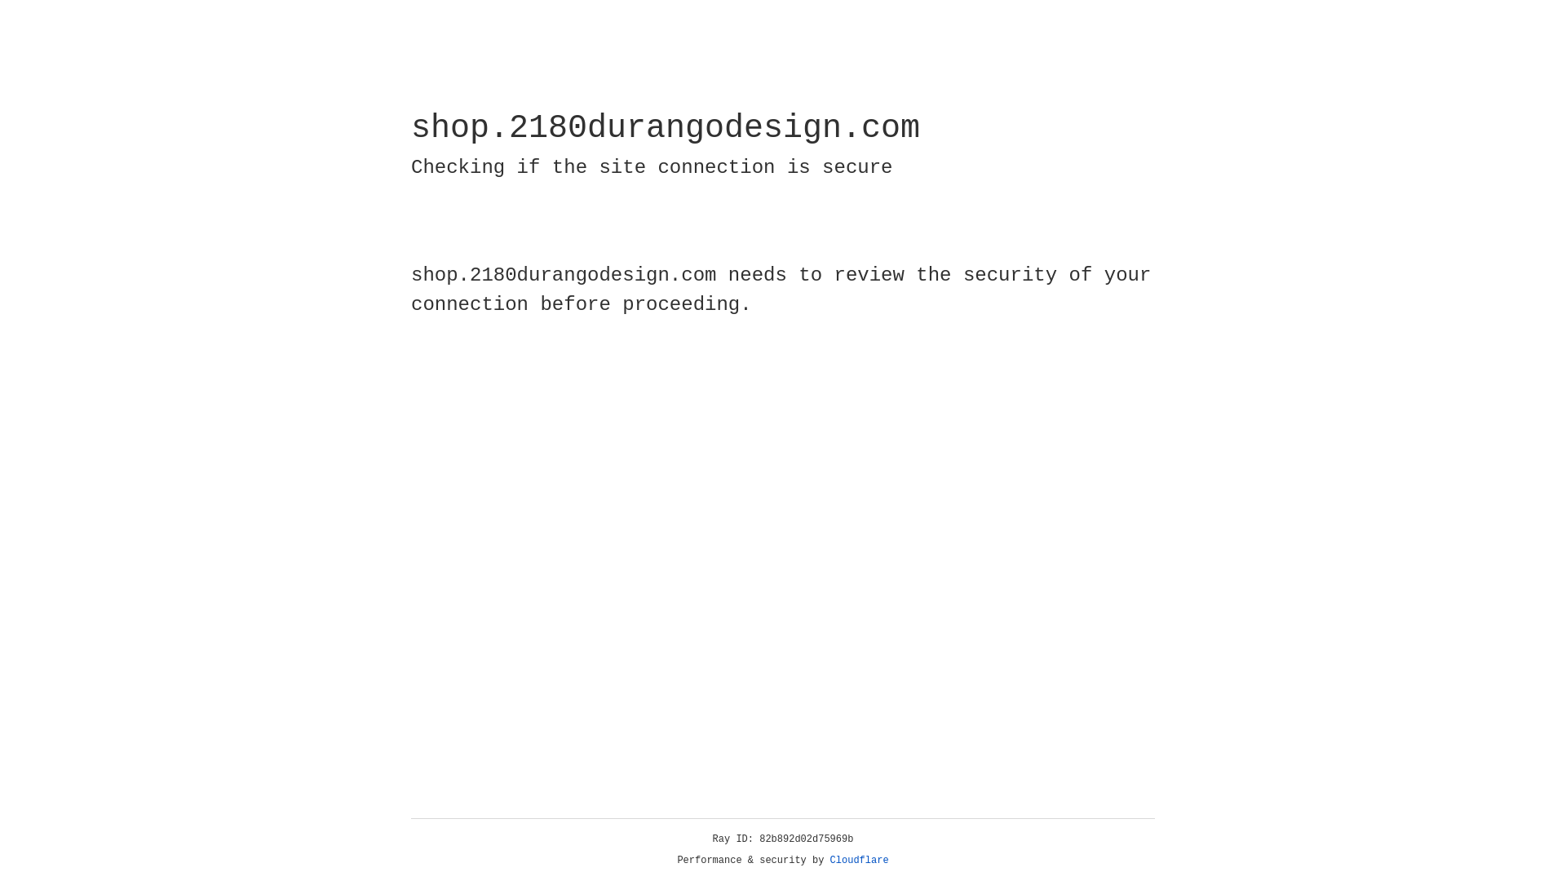 This screenshot has height=881, width=1566. What do you see at coordinates (859, 860) in the screenshot?
I see `'Cloudflare'` at bounding box center [859, 860].